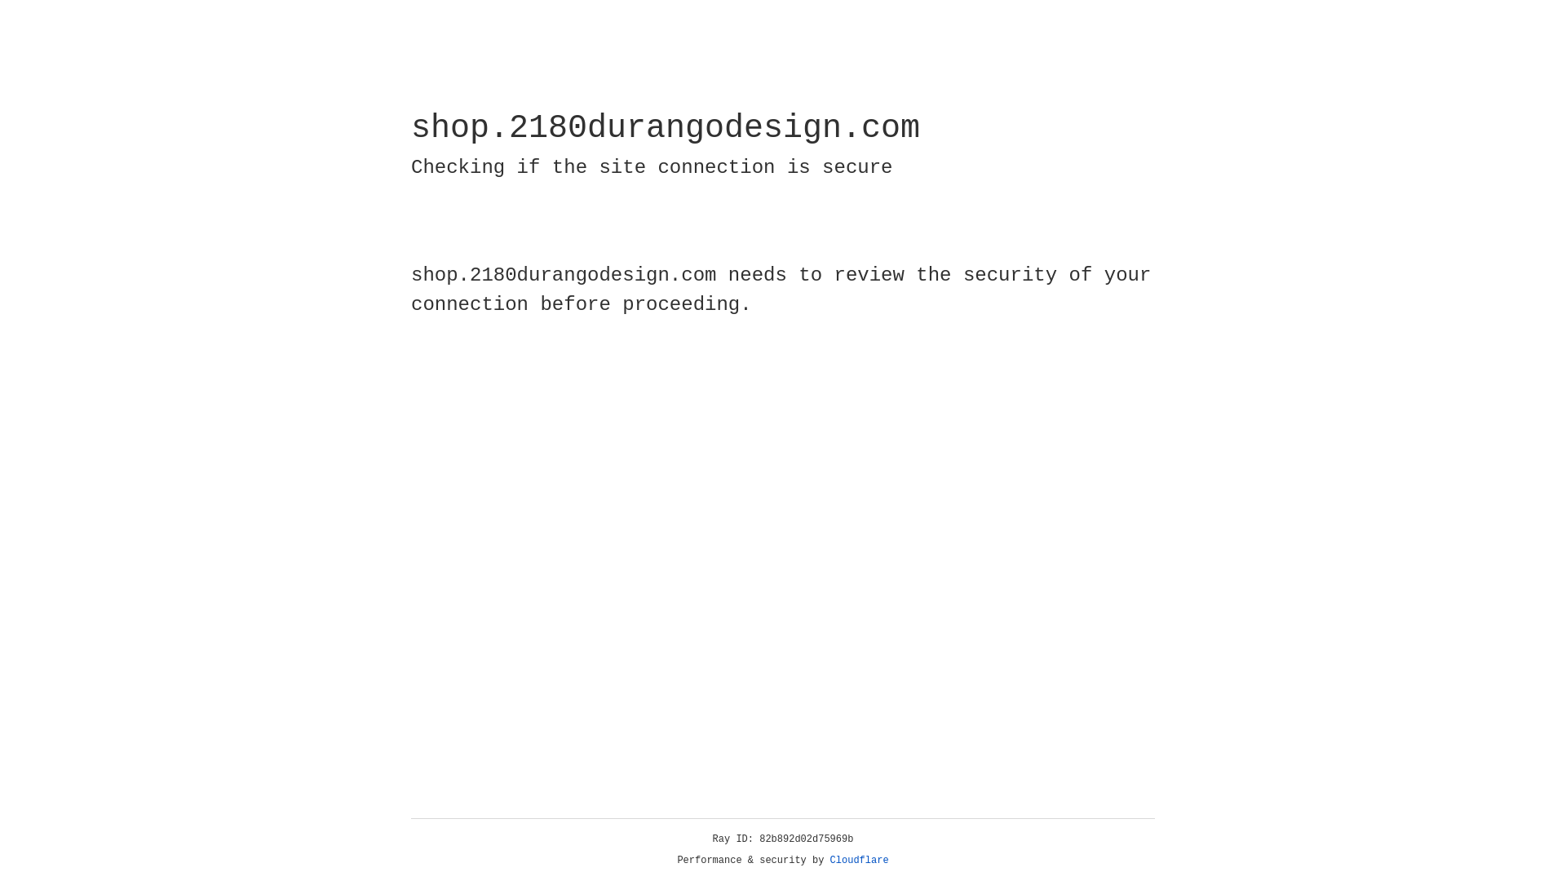 This screenshot has height=881, width=1566. What do you see at coordinates (859, 860) in the screenshot?
I see `'Cloudflare'` at bounding box center [859, 860].